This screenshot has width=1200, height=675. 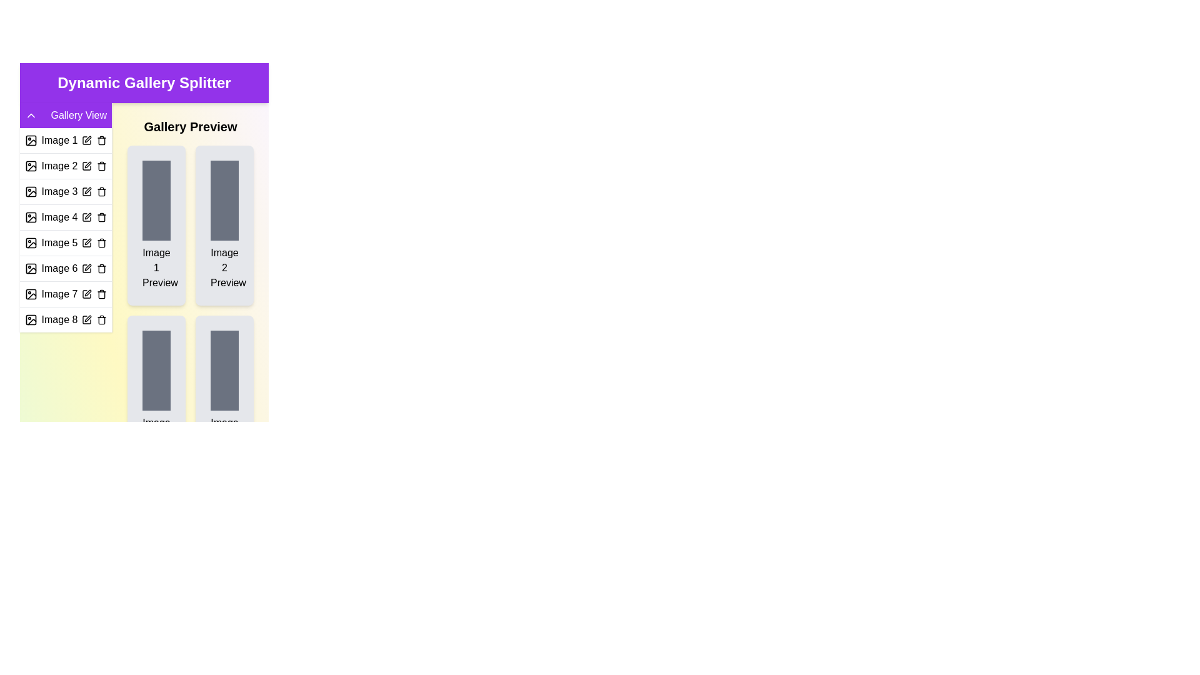 I want to click on the edit icon within the List item labeled 'Image 4' to initiate the editing process, so click(x=65, y=216).